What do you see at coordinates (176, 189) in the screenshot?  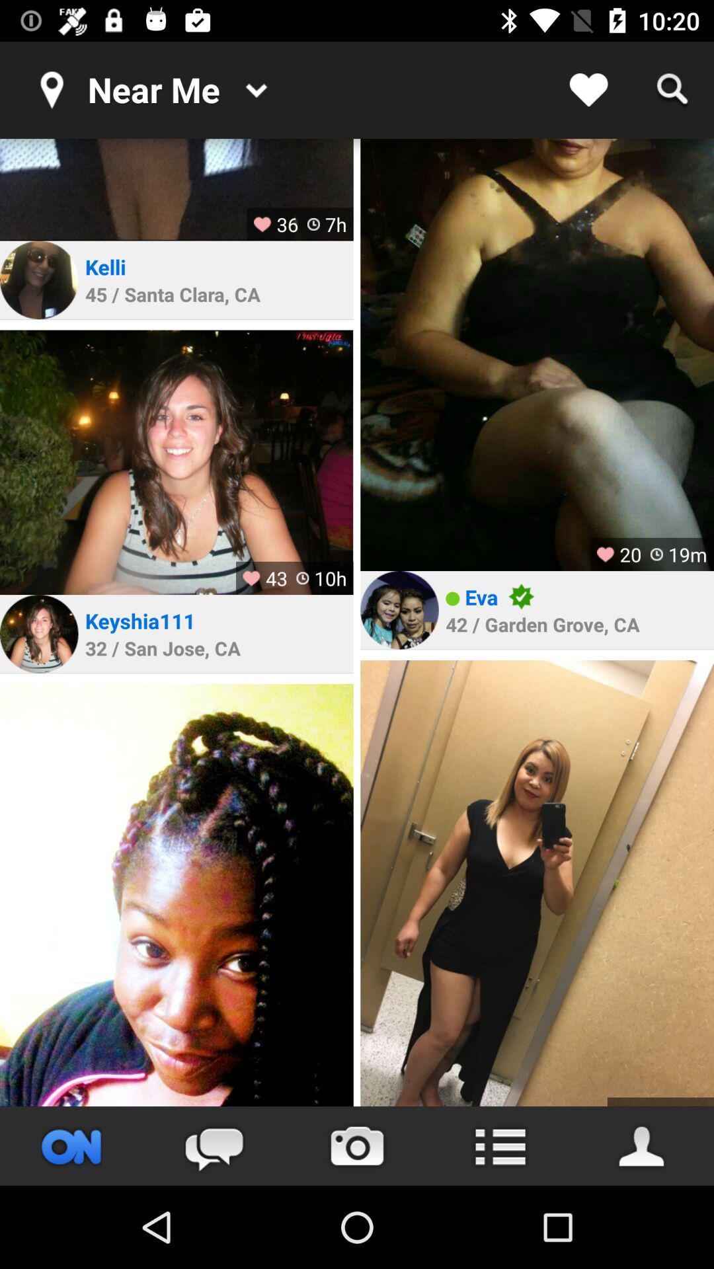 I see `show picture` at bounding box center [176, 189].